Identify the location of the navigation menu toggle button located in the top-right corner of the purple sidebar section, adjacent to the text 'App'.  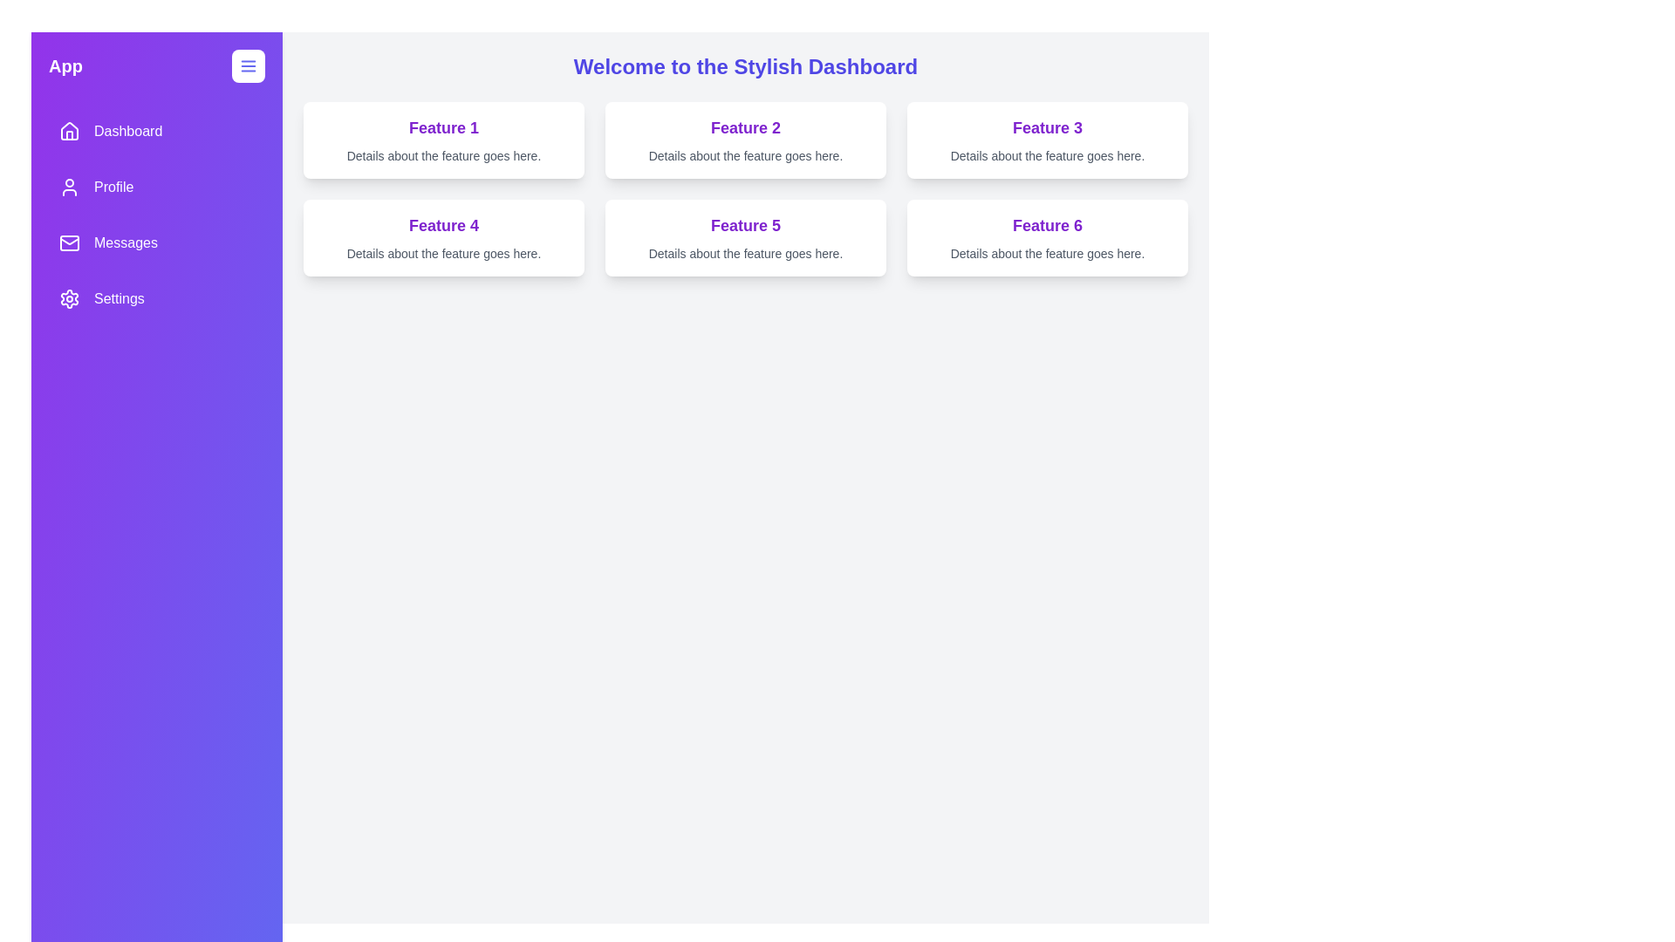
(247, 65).